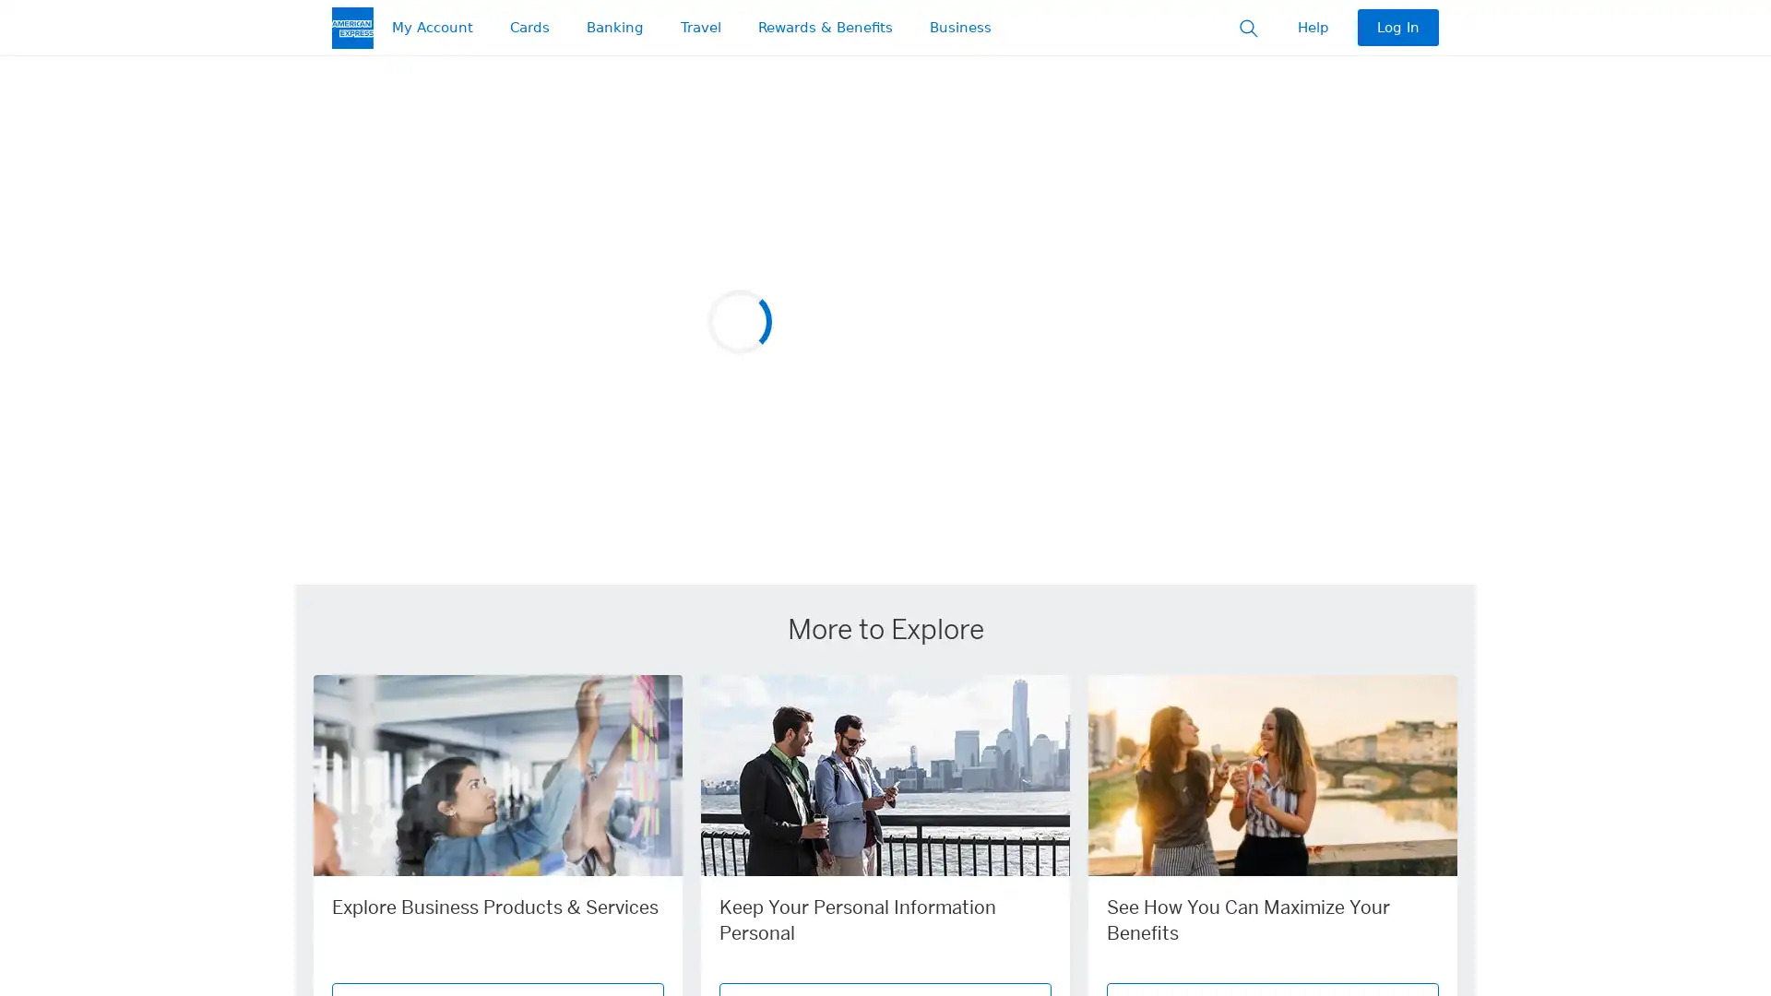 Image resolution: width=1771 pixels, height=996 pixels. Describe the element at coordinates (822, 799) in the screenshot. I see `slide 1` at that location.